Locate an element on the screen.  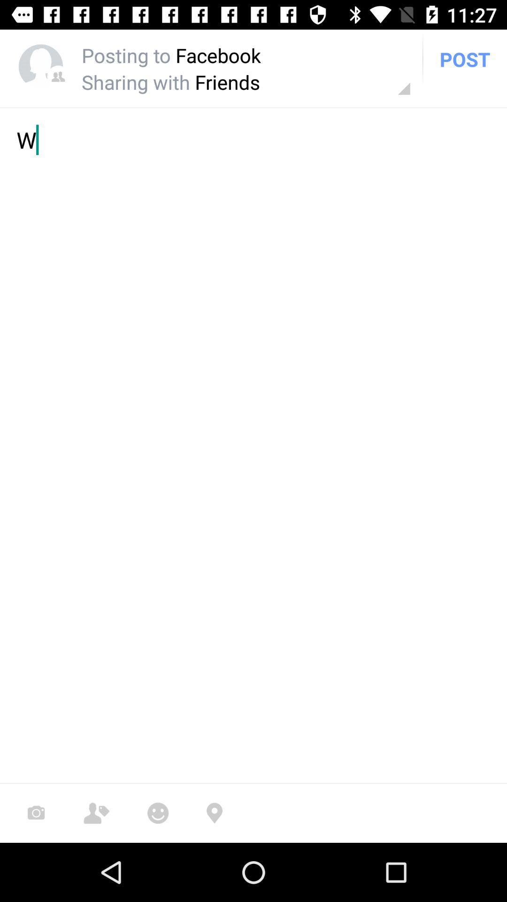
the emoji icon is located at coordinates (157, 813).